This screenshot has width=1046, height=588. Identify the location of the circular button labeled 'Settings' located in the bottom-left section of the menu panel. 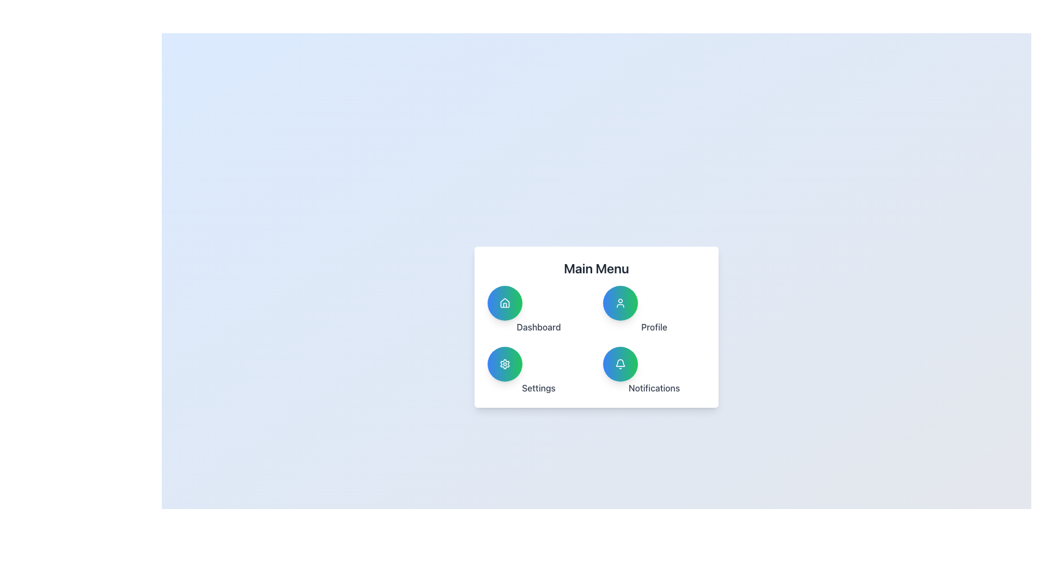
(504, 364).